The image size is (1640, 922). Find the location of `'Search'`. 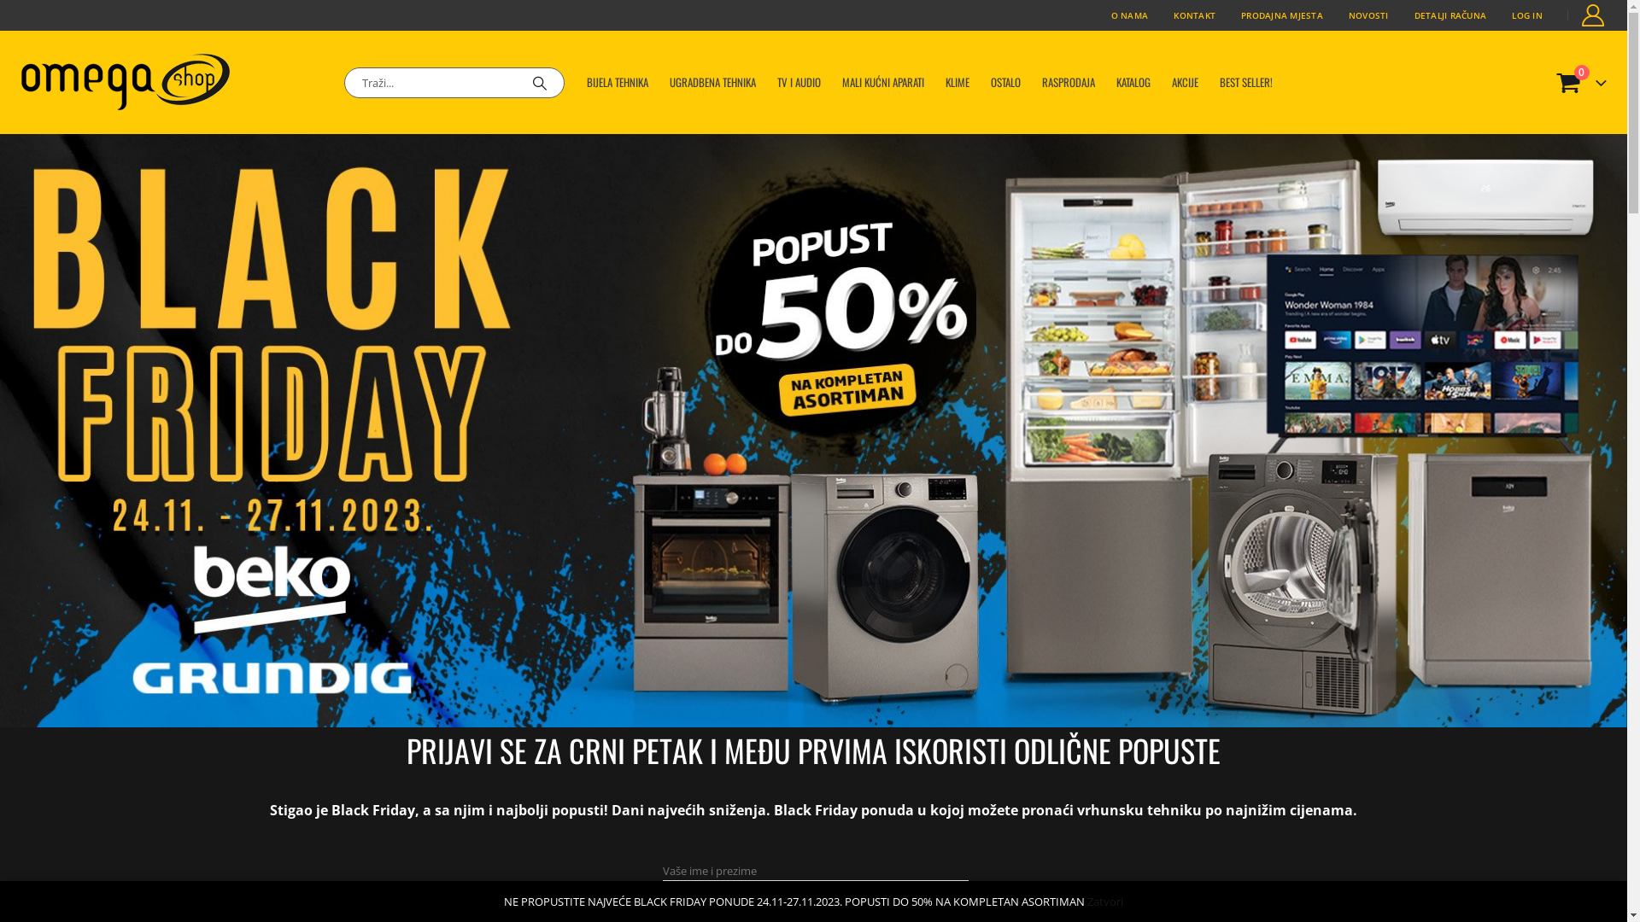

'Search' is located at coordinates (539, 82).